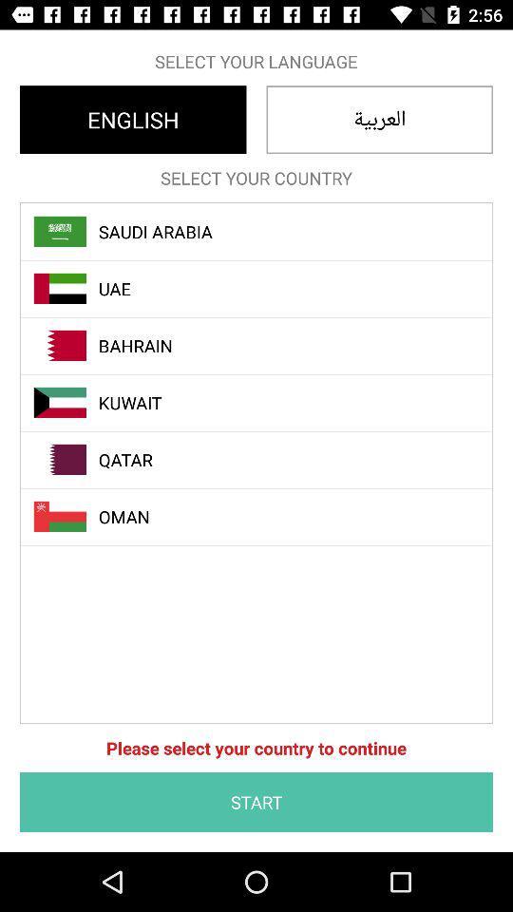 The height and width of the screenshot is (912, 513). I want to click on english, so click(132, 119).